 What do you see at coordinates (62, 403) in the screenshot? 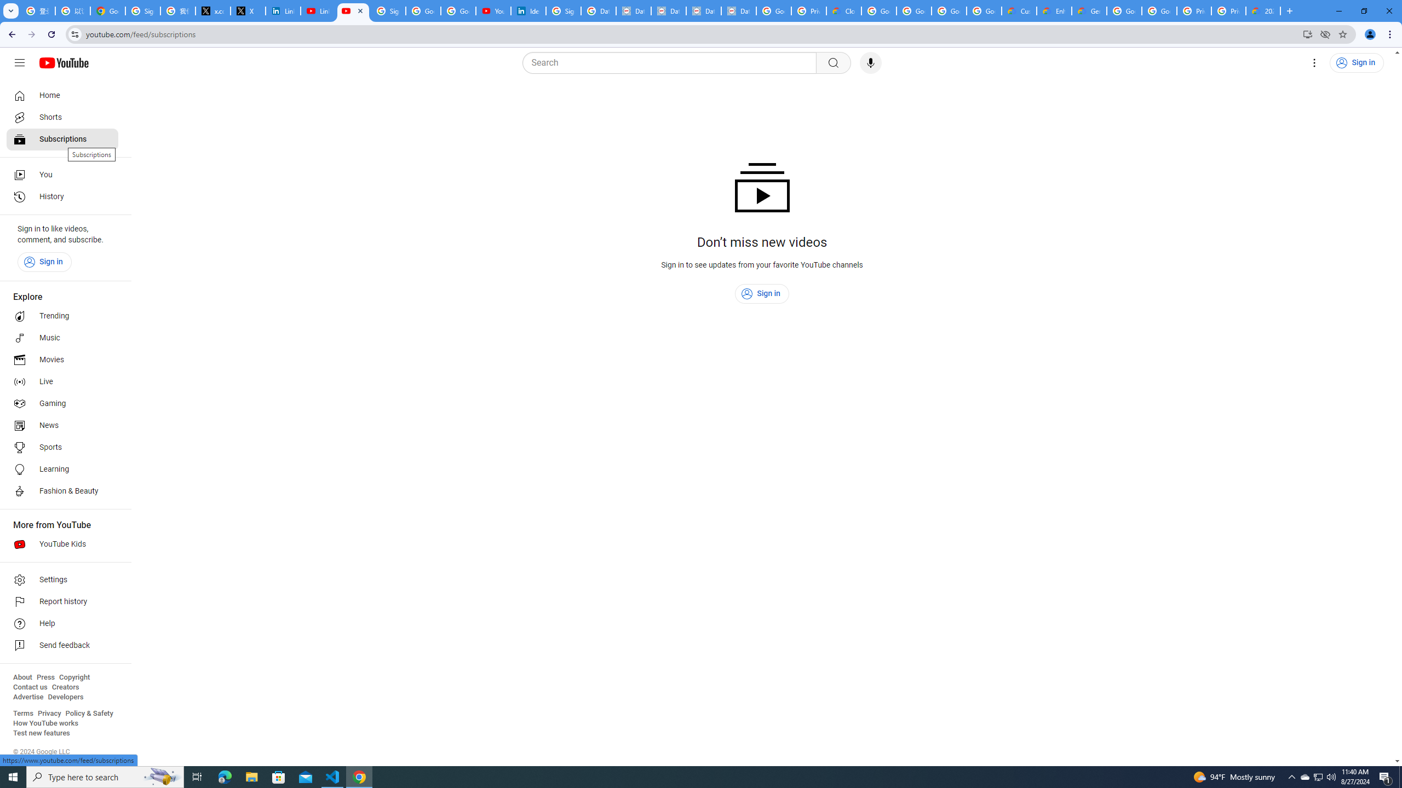
I see `'Gaming'` at bounding box center [62, 403].